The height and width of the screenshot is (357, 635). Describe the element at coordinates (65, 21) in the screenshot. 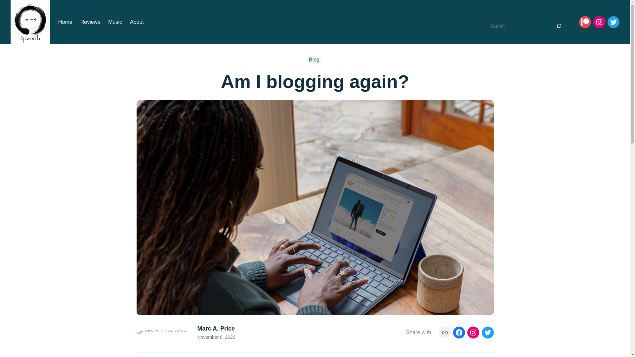

I see `'Home'` at that location.